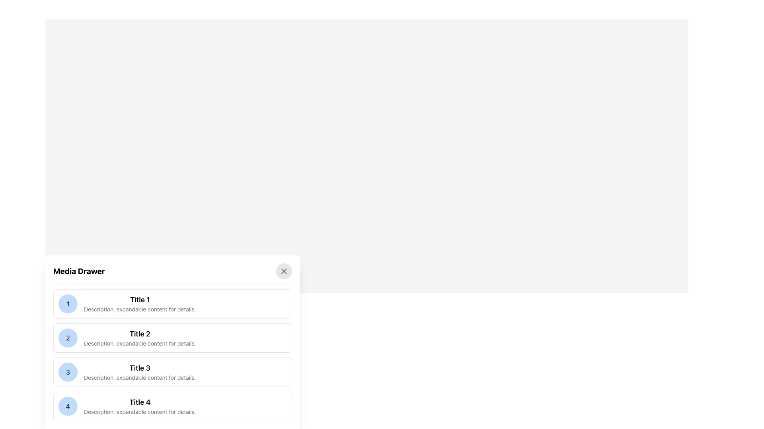 The image size is (764, 429). Describe the element at coordinates (140, 372) in the screenshot. I see `the List item with title 'Title 3' and description text 'Description, expandable content for details.'` at that location.